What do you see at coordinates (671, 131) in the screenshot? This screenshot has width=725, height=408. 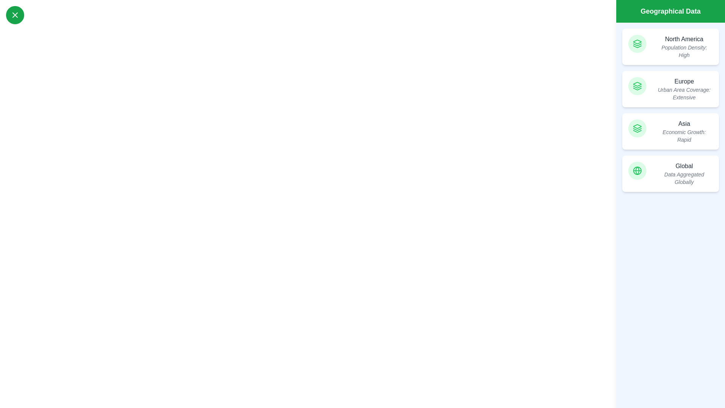 I see `the region Asia to view its details` at bounding box center [671, 131].